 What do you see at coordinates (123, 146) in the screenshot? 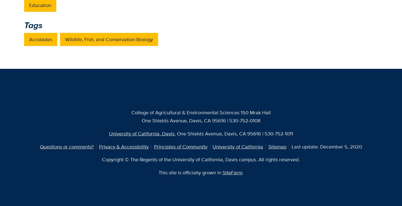
I see `'Privacy & Accessibility'` at bounding box center [123, 146].